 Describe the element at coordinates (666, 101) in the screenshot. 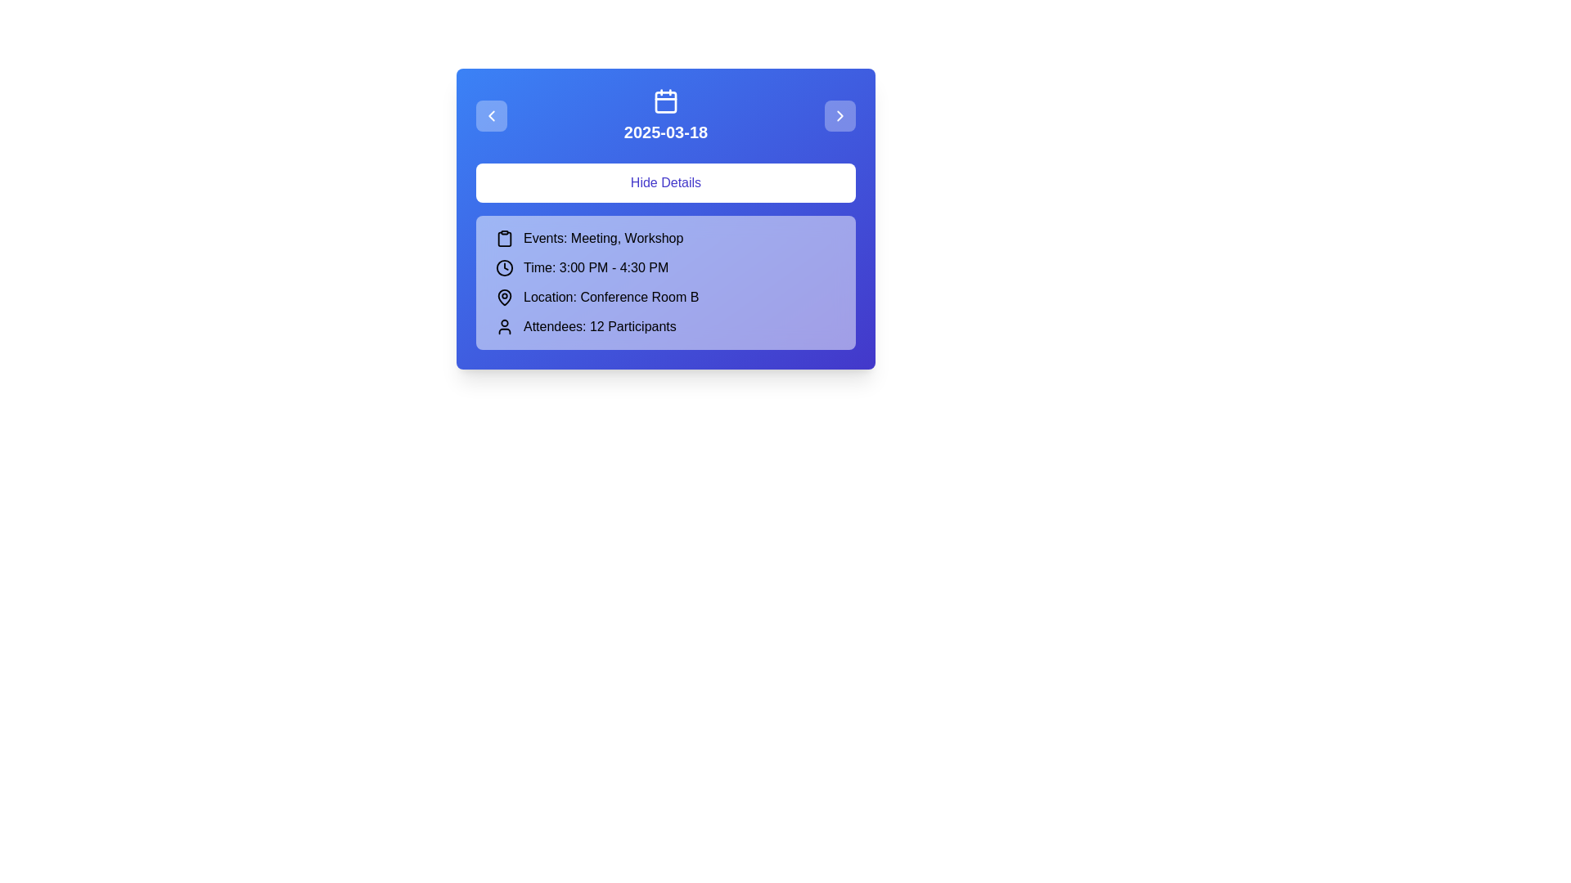

I see `the main body of the calendar icon, which is prominently located at the top of the interface above the date text '2025-03-18'` at that location.